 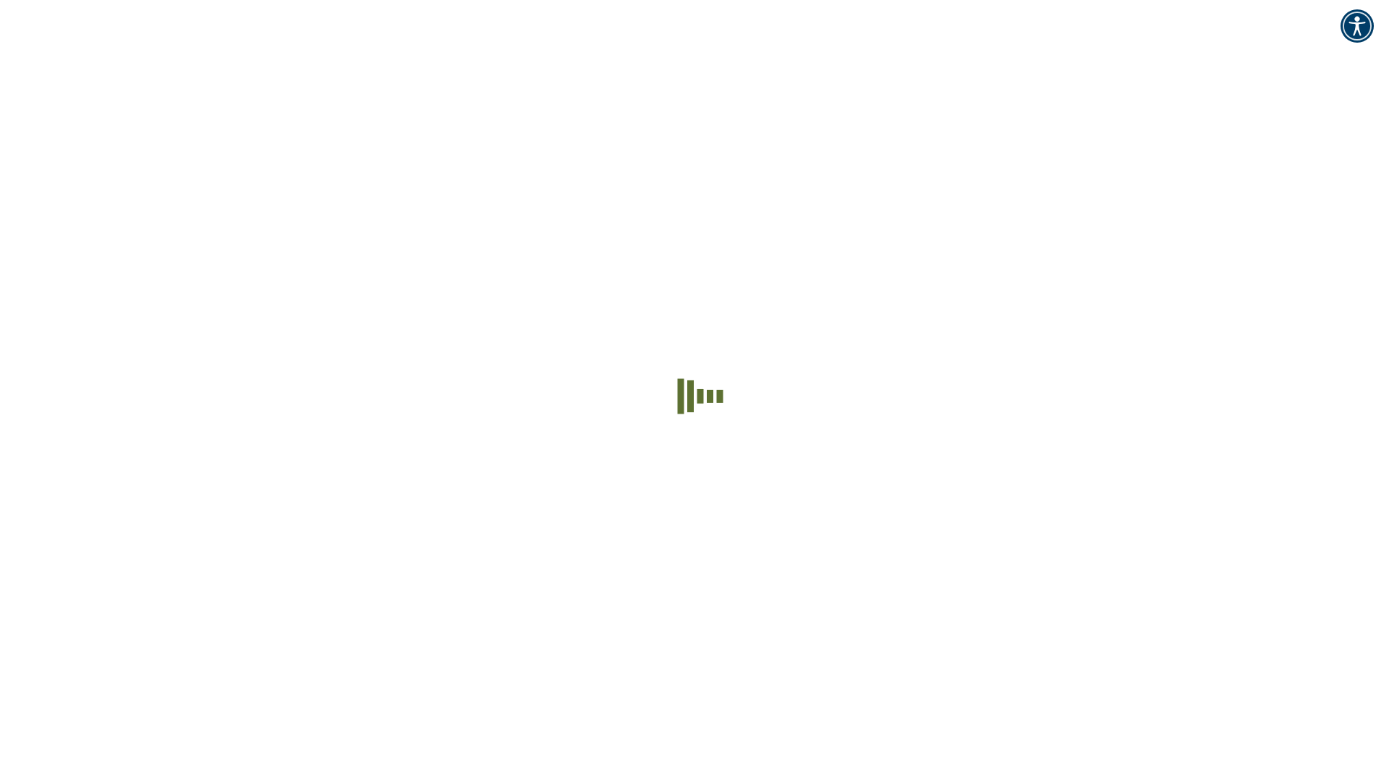 What do you see at coordinates (20, 624) in the screenshot?
I see `'Next (arrow right)'` at bounding box center [20, 624].